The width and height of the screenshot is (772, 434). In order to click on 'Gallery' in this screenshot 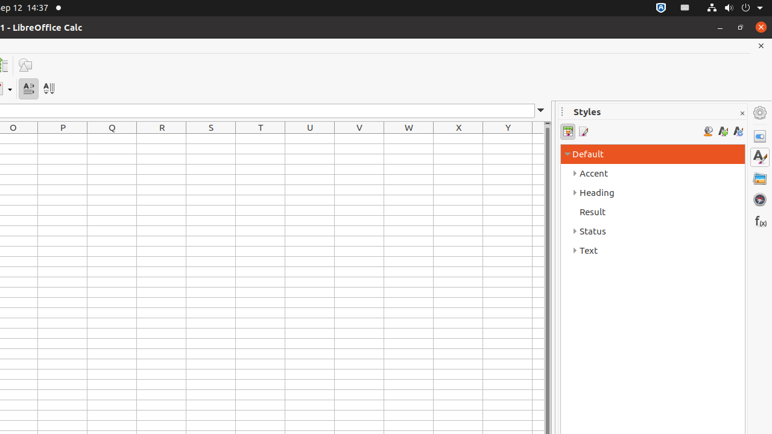, I will do `click(759, 178)`.